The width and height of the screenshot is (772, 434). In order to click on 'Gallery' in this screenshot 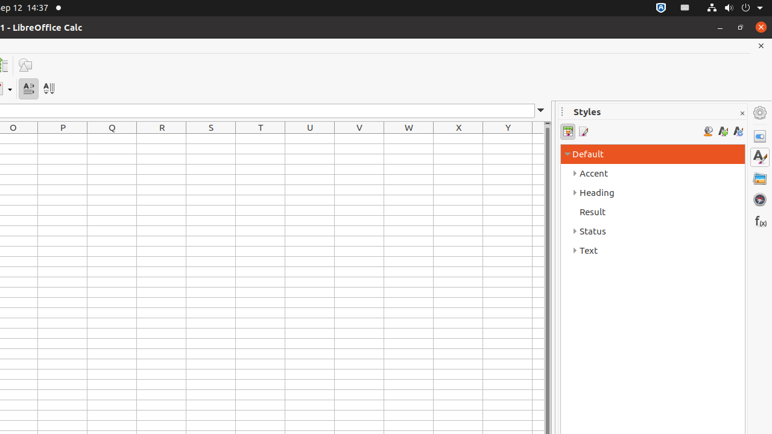, I will do `click(759, 178)`.